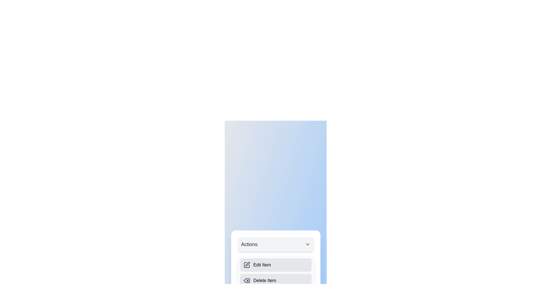 The height and width of the screenshot is (301, 536). What do you see at coordinates (276, 280) in the screenshot?
I see `the 'Delete Item' option in the menu` at bounding box center [276, 280].